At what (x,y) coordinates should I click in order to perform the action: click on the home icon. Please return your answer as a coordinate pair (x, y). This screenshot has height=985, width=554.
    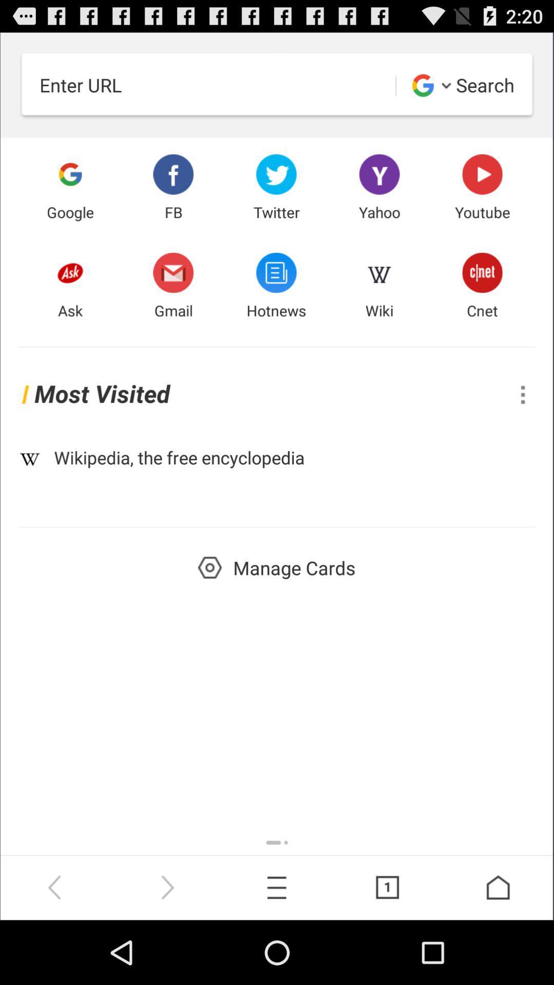
    Looking at the image, I should click on (498, 950).